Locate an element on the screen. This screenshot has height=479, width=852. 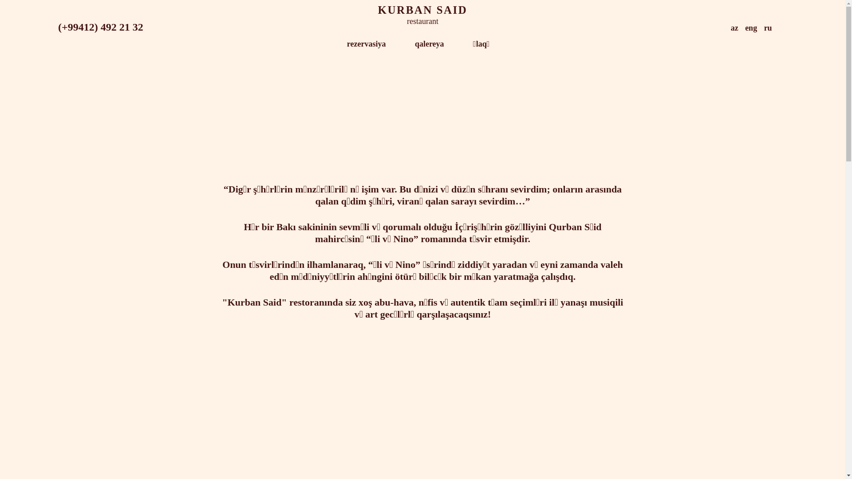
'qalereya' is located at coordinates (430, 44).